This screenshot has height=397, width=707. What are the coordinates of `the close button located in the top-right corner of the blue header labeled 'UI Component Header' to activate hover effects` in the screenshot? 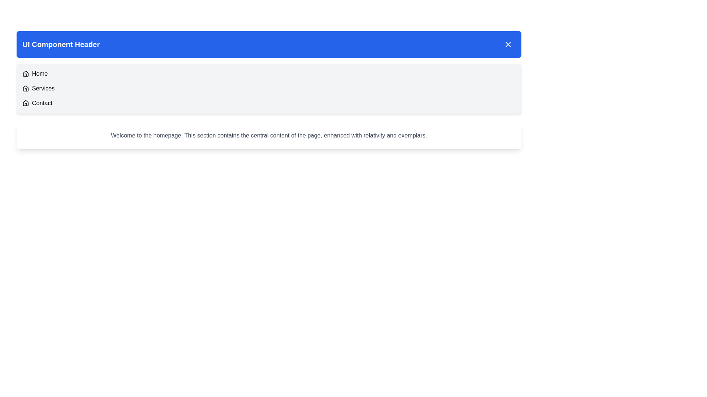 It's located at (508, 44).